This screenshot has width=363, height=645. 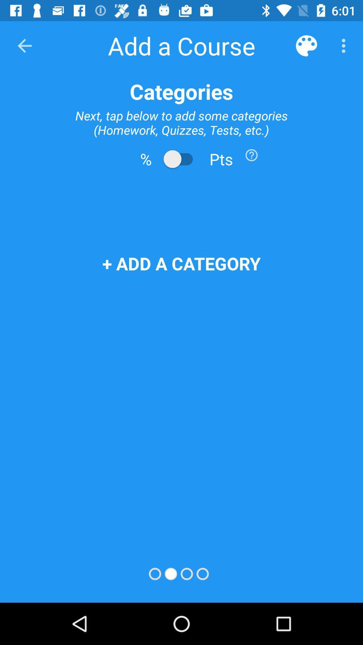 I want to click on the item above categories, so click(x=345, y=45).